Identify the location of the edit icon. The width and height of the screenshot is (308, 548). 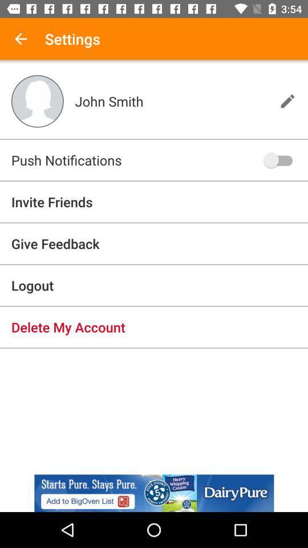
(287, 100).